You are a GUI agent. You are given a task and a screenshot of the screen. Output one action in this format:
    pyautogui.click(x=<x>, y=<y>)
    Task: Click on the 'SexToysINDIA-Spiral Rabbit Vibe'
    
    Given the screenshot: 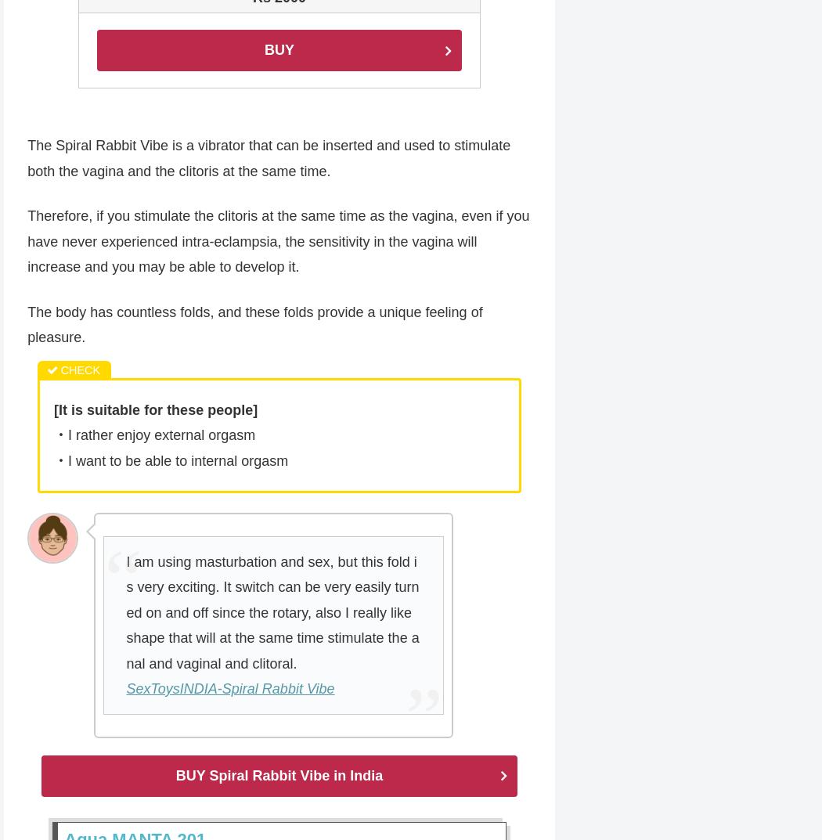 What is the action you would take?
    pyautogui.click(x=229, y=690)
    